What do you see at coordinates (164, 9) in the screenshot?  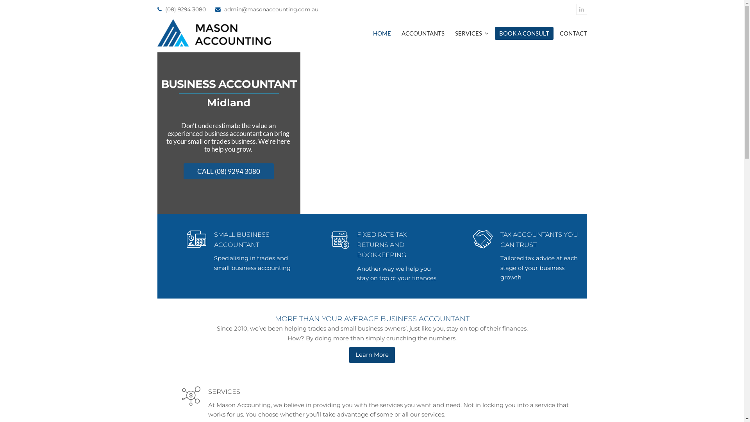 I see `'(08) 9294 3080'` at bounding box center [164, 9].